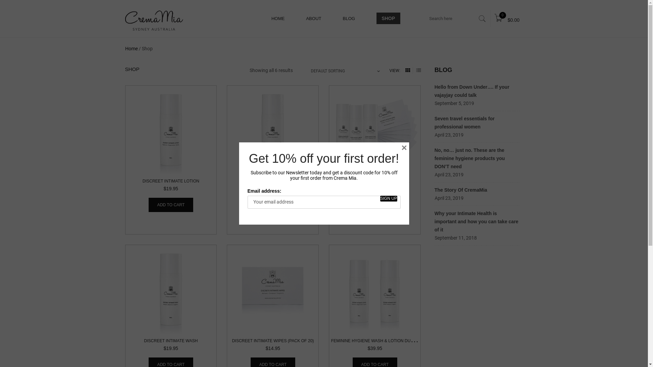 The width and height of the screenshot is (653, 367). Describe the element at coordinates (349, 18) in the screenshot. I see `'BLOG'` at that location.